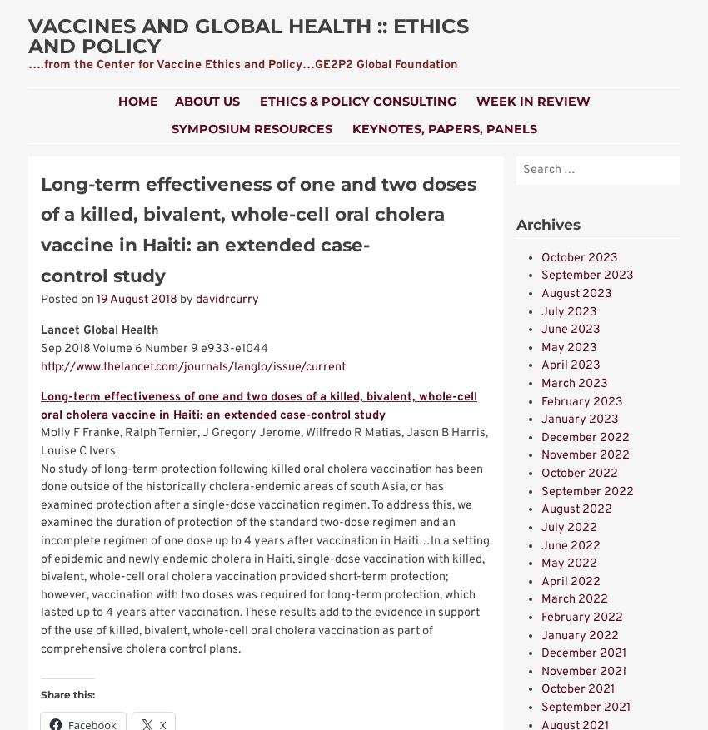 This screenshot has width=708, height=730. I want to click on 'October 2023', so click(578, 256).